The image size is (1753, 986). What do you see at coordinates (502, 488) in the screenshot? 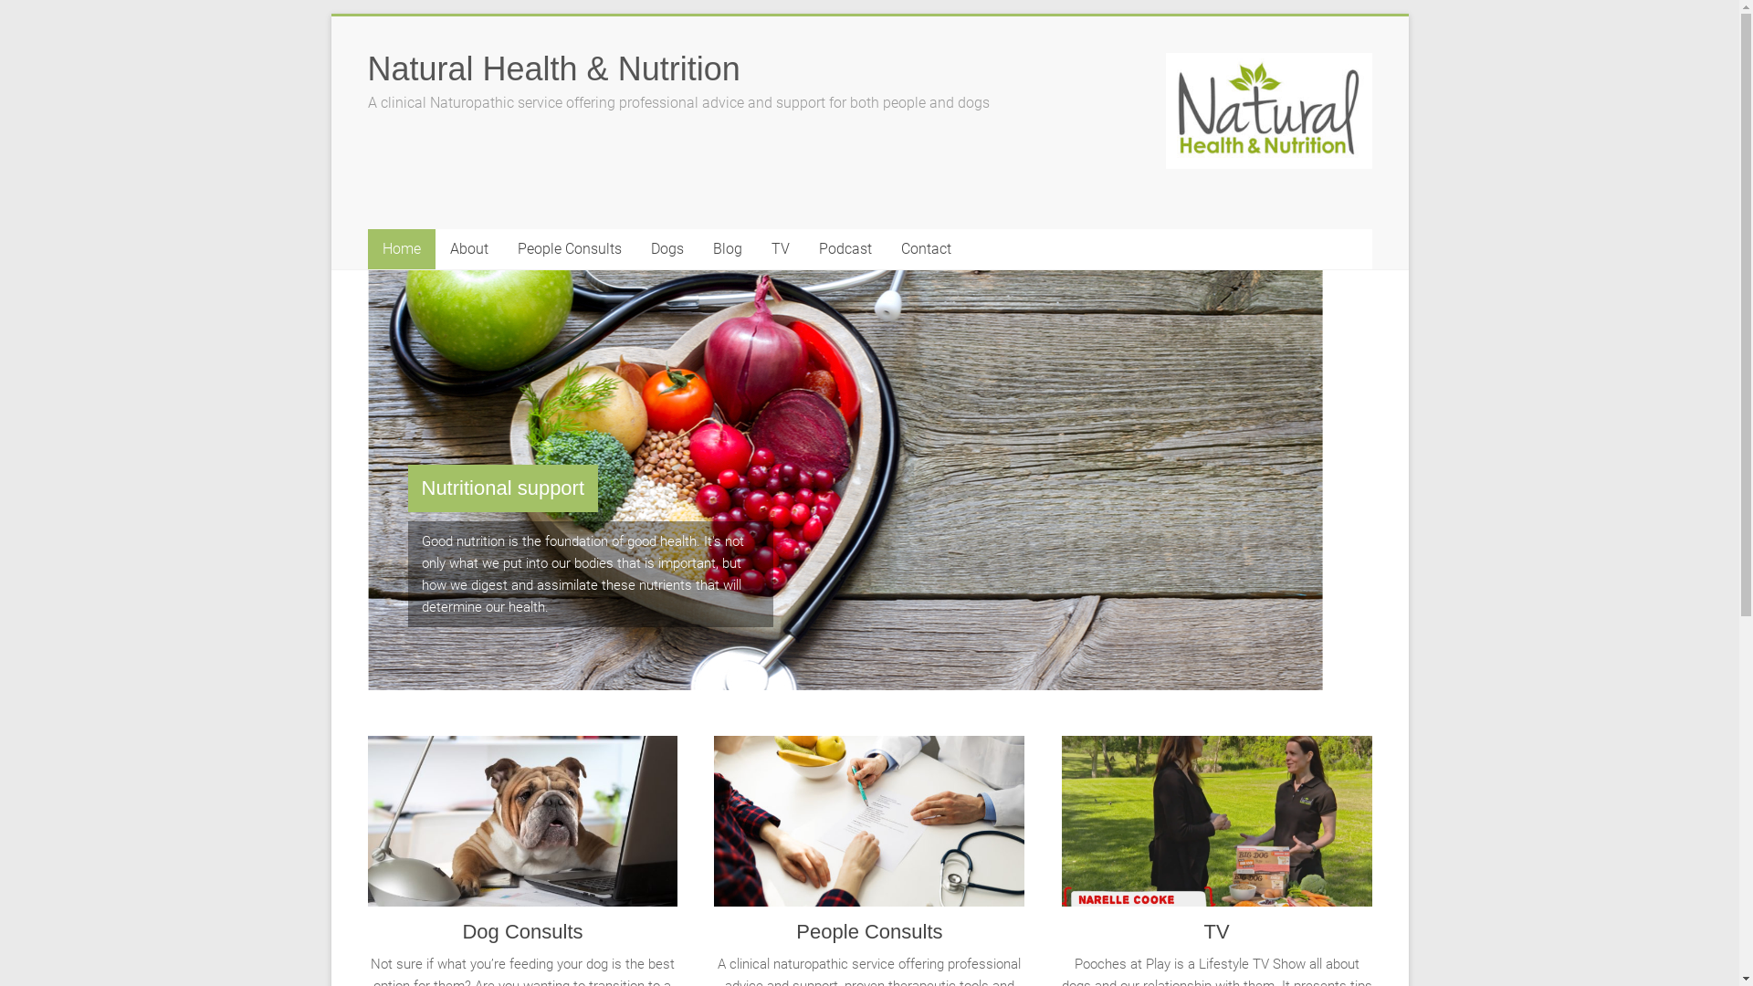
I see `'Nutritional support'` at bounding box center [502, 488].